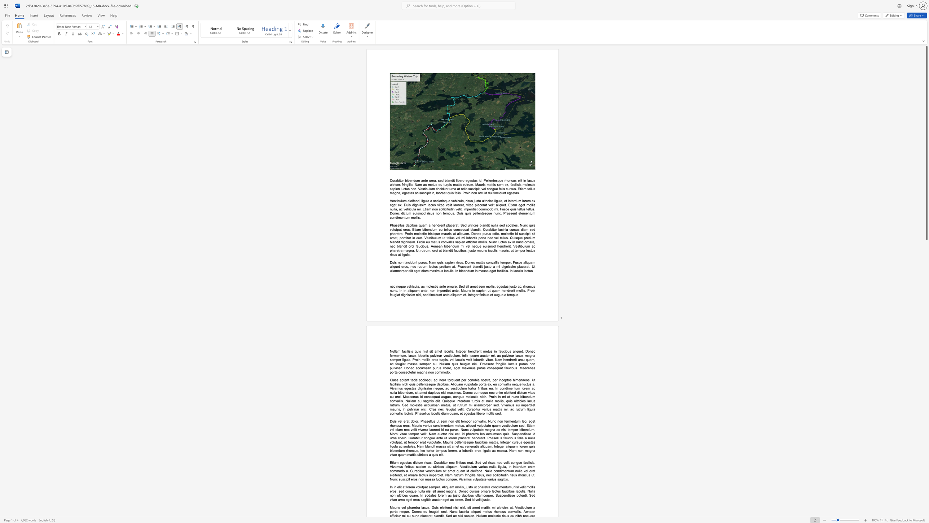 This screenshot has width=929, height=523. Describe the element at coordinates (516, 433) in the screenshot. I see `the subset text "spendisse id urna libero. Curabitur congue ante ut lorem placerat hendrerit. Phasellus faucibus felis a nulla volutpat, ut tempor erat vulputate. Mauris pellentesque faucibus mattis. Integer cursus egestas ligula ac sodales. Nam blandit massa sit amet ex venenatis aliquam. Integer aliquam, lorem quis bibendum rhoncus, leo tortor tempus lorem, a lobortis eros ligula a" within the text "Duis vel erat dolor. Phasellus ut sem non elit tempor convallis. Nunc non fermentum leo, eget rhoncus eros. Mauris varius condimentum metus, aliquet vulputate quam vestibulum sed. Etiam vel diam nec velit viverra laoreet id eu purus. Nunc vulputate magna ac nisl tempor bibendum. Morbi vitae tempor velit. Nam auctor nisi est, id pharetra leo accumsan quis. Suspendisse id urna libero. Curabitur congue ante ut lorem placerat hendrerit. Phasellus faucibus felis a nulla volutpat, ut tempor erat vulputate. Mauris pellentesque faucibus mattis. Integer cursus egestas ligula ac sodales. Nam blandit massa sit amet ex venenatis aliquam. Integer aliquam, lorem quis bibendum rhoncus, leo tortor tempus lorem, a lobortis eros ligula ac massa. Nam non magna vitae quam mattis ultrices a quis elit."` at that location.